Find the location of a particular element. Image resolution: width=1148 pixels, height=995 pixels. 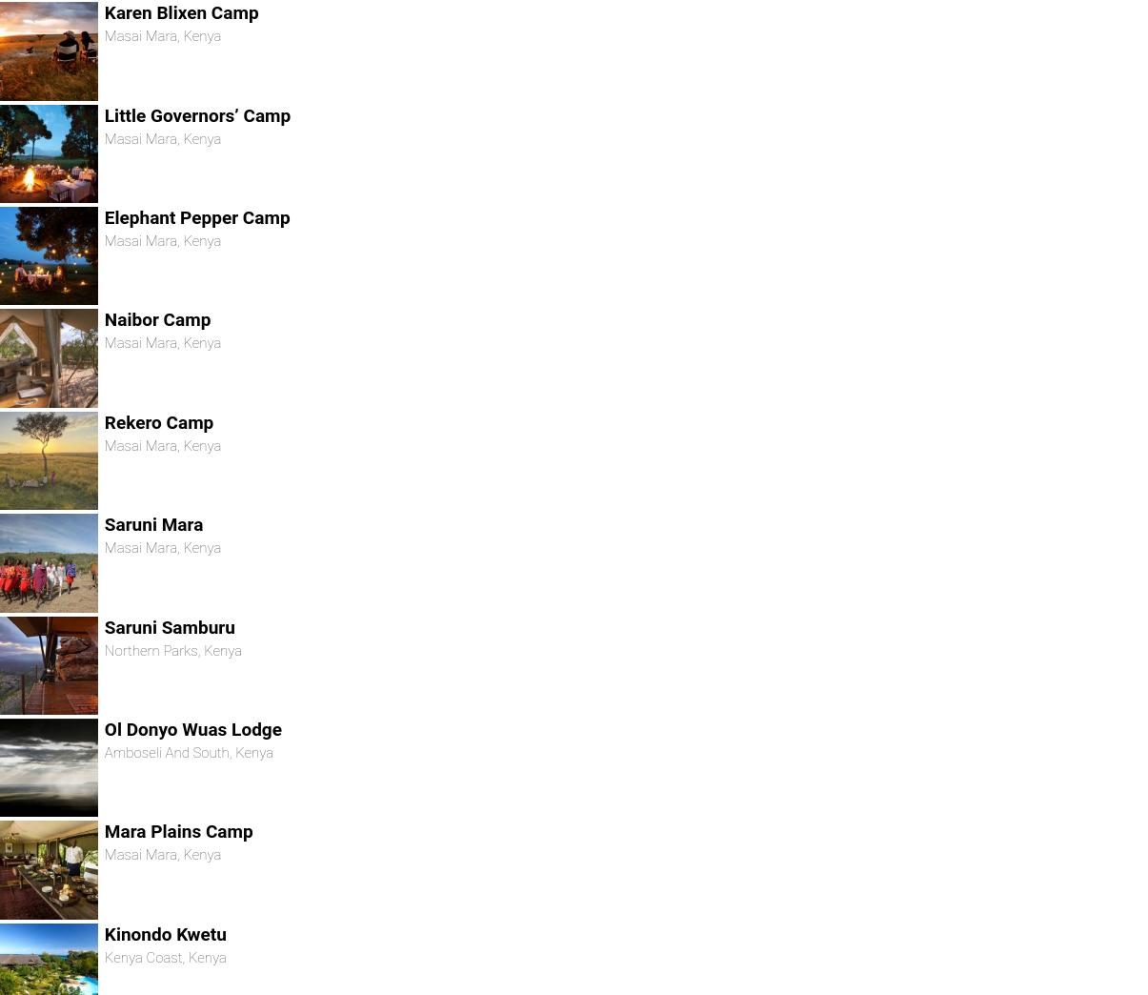

'Ol Donyo Wuas Lodge' is located at coordinates (103, 728).